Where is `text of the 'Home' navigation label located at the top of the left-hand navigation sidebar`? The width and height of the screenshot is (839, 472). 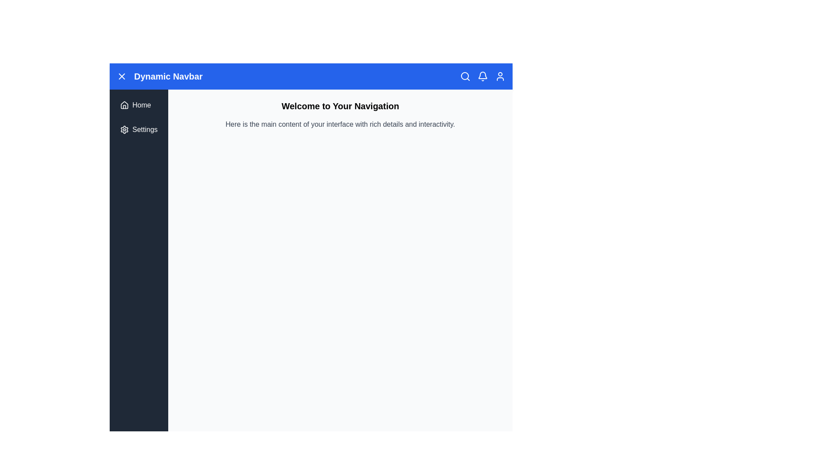 text of the 'Home' navigation label located at the top of the left-hand navigation sidebar is located at coordinates (142, 104).